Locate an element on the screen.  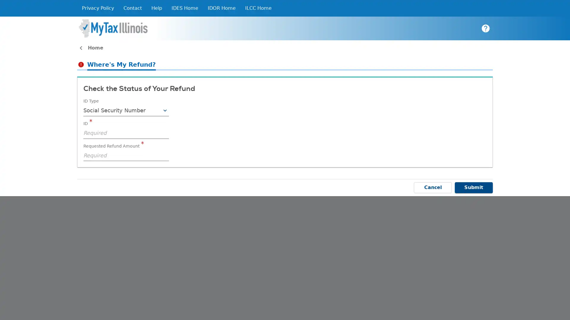
Submit is located at coordinates (474, 187).